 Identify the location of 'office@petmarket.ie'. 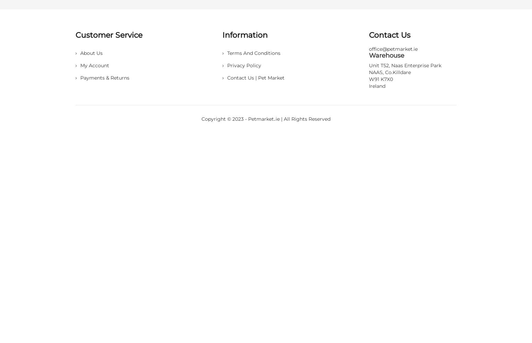
(393, 49).